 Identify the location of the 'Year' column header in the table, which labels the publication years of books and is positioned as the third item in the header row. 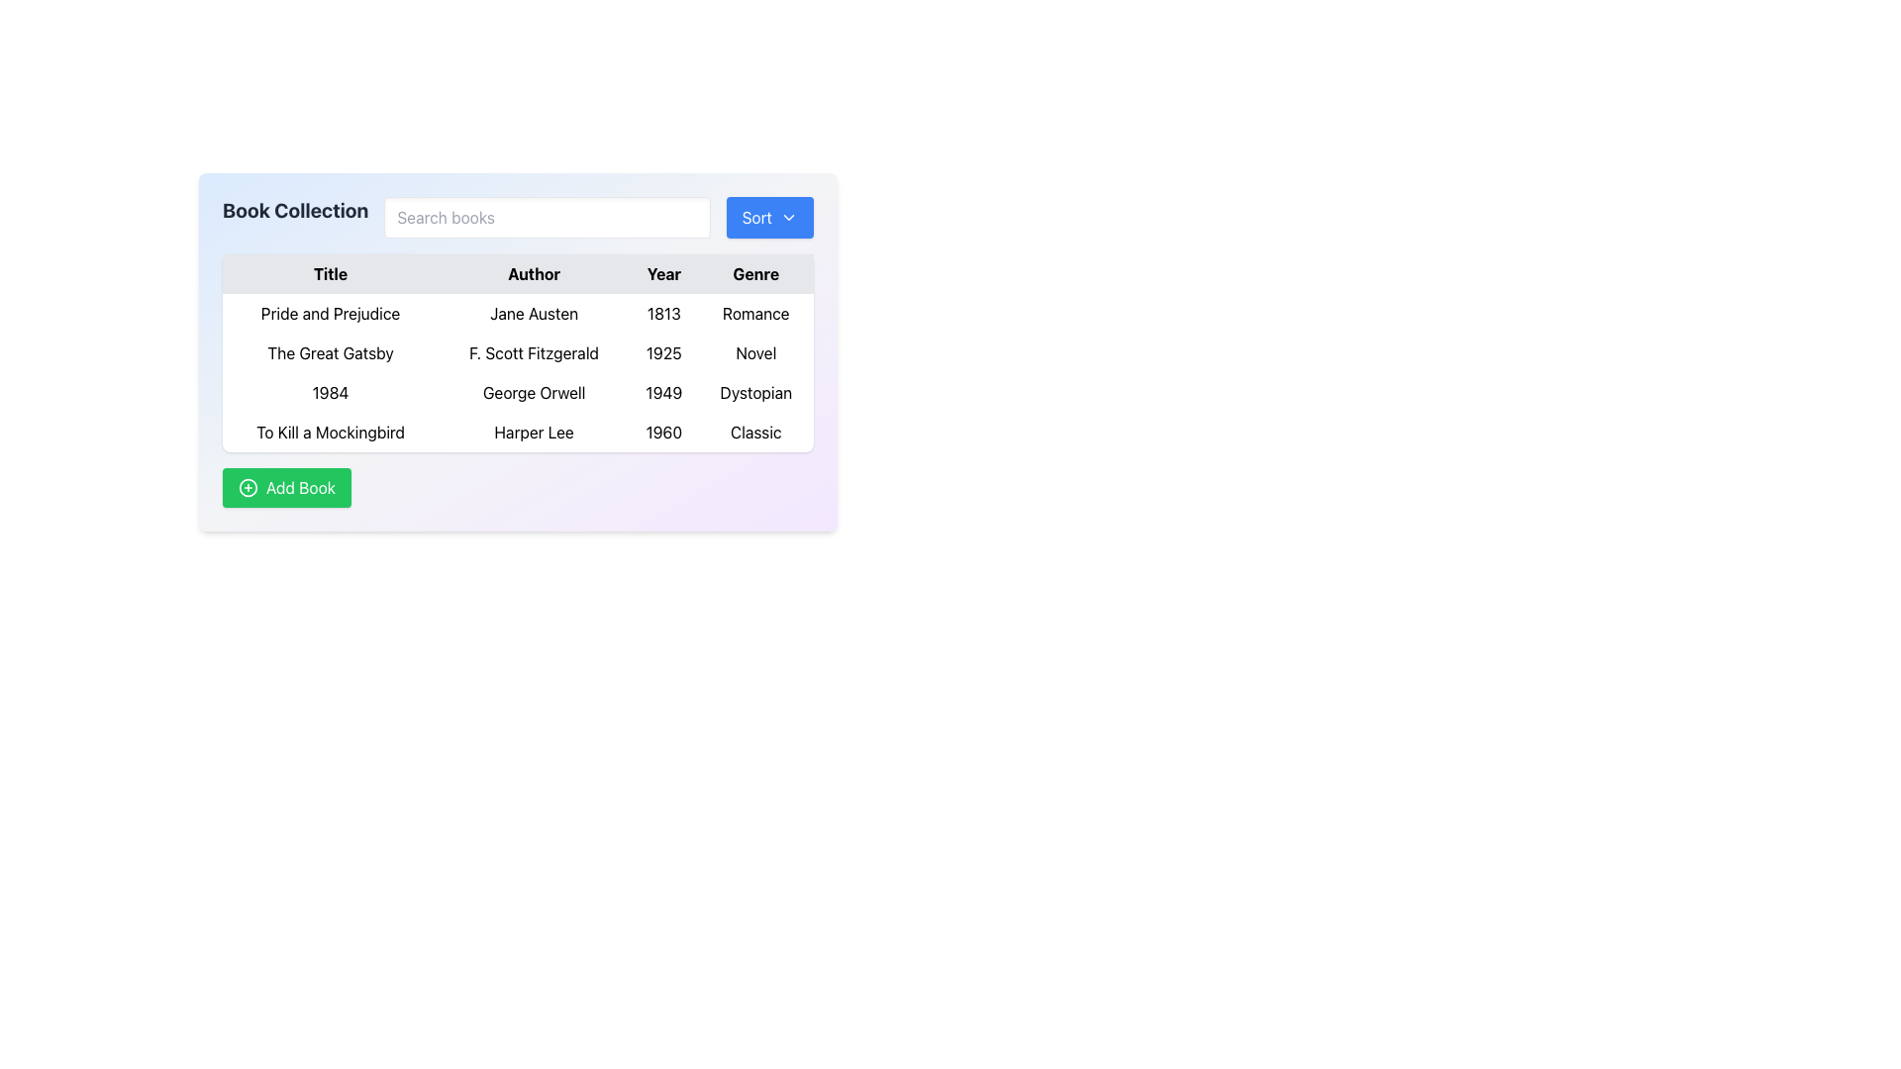
(663, 274).